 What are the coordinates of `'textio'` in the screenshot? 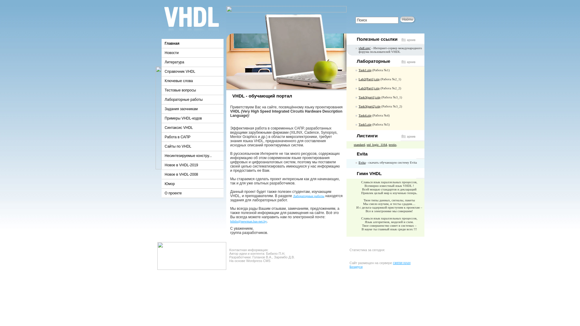 It's located at (392, 144).